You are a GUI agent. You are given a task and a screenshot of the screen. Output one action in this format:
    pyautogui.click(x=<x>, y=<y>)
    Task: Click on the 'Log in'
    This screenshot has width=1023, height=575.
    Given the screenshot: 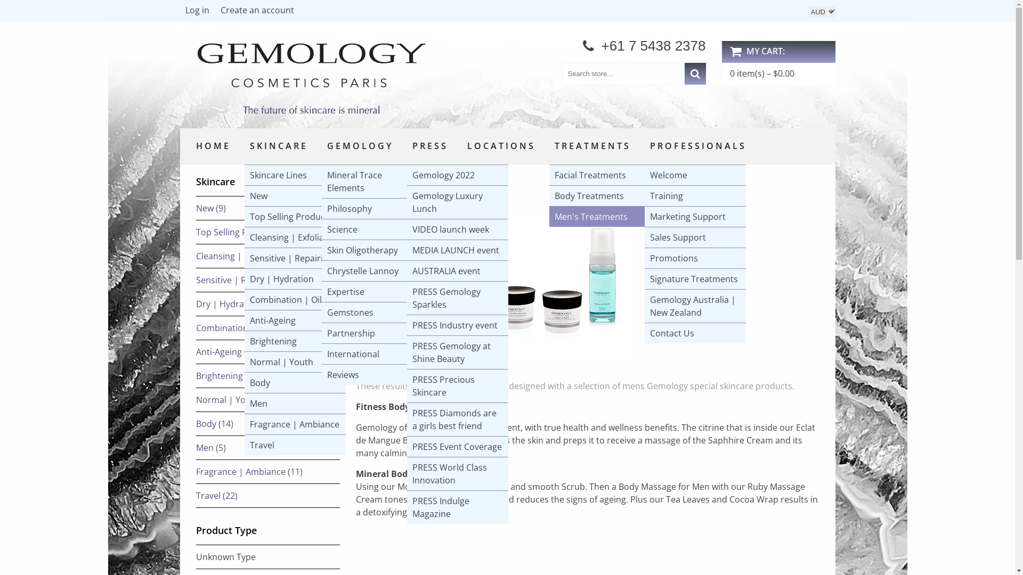 What is the action you would take?
    pyautogui.click(x=180, y=12)
    